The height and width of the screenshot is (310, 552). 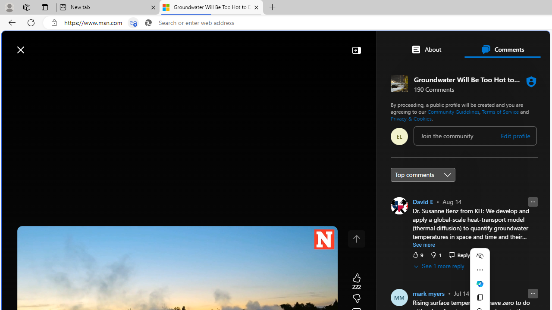 What do you see at coordinates (502, 49) in the screenshot?
I see `'Comments'` at bounding box center [502, 49].